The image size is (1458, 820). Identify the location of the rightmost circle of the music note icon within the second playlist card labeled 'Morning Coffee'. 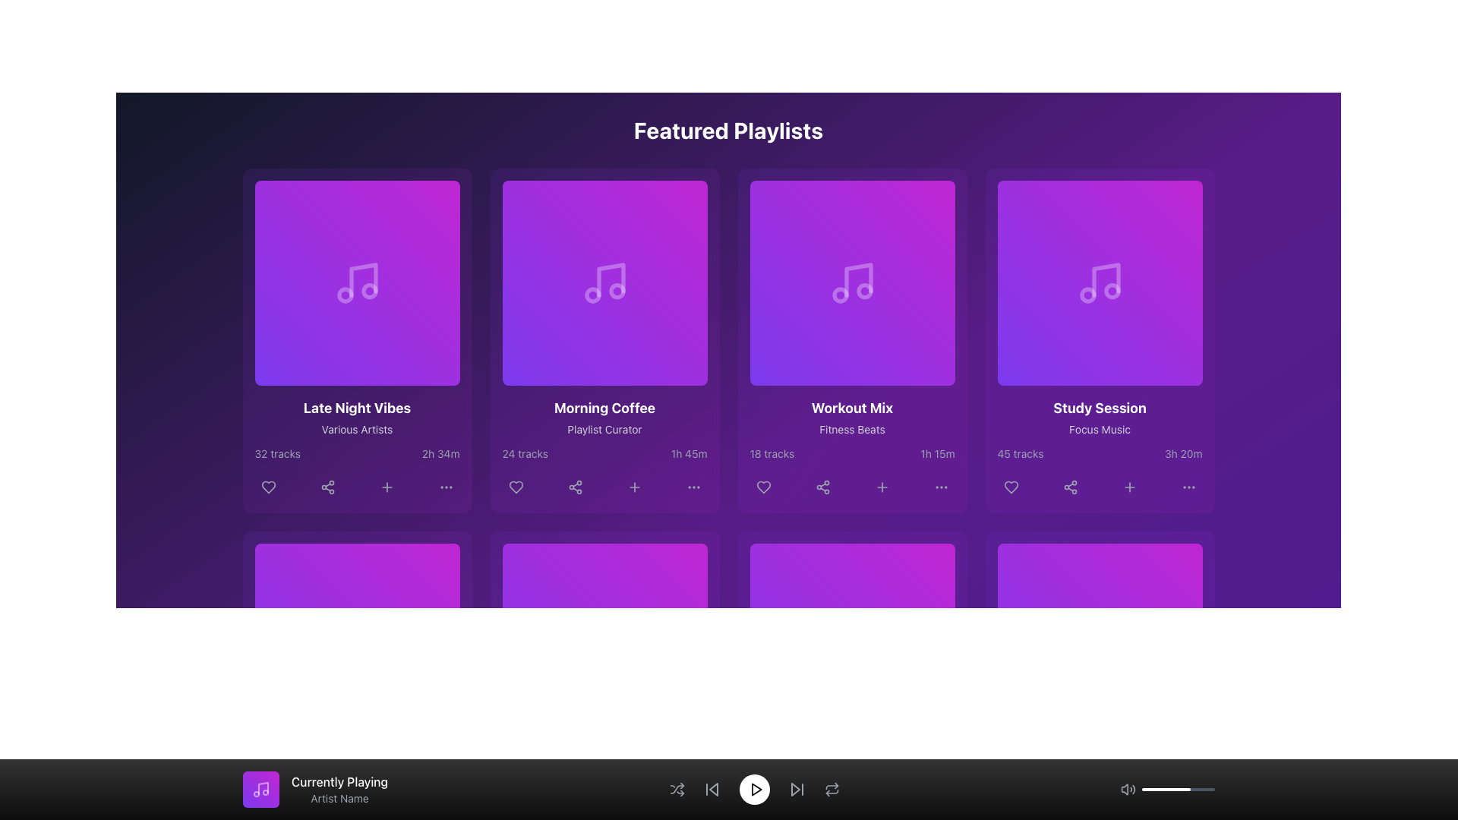
(617, 291).